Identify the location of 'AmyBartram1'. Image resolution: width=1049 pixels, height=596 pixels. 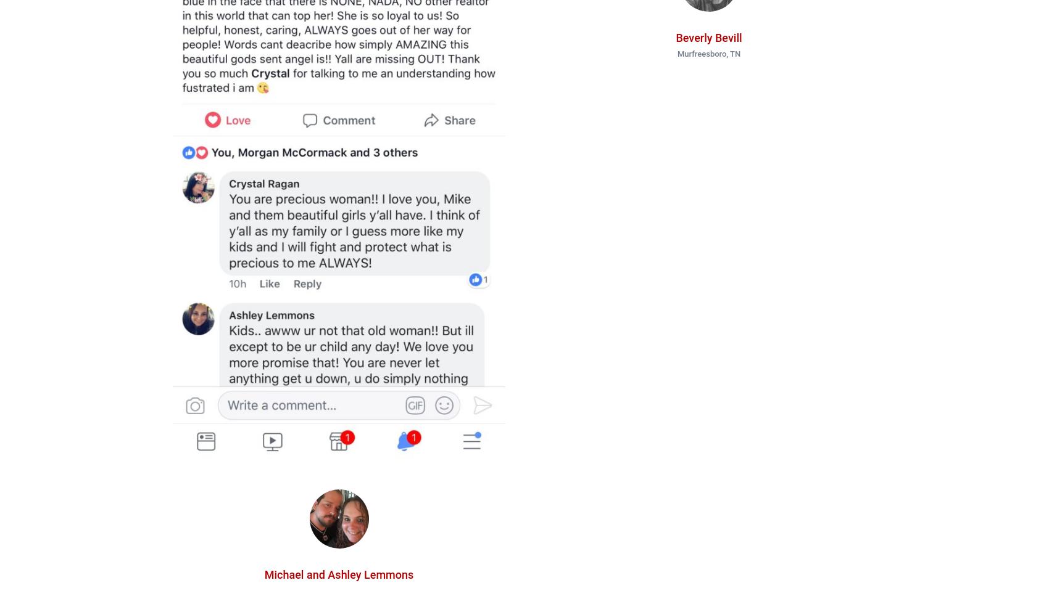
(668, 290).